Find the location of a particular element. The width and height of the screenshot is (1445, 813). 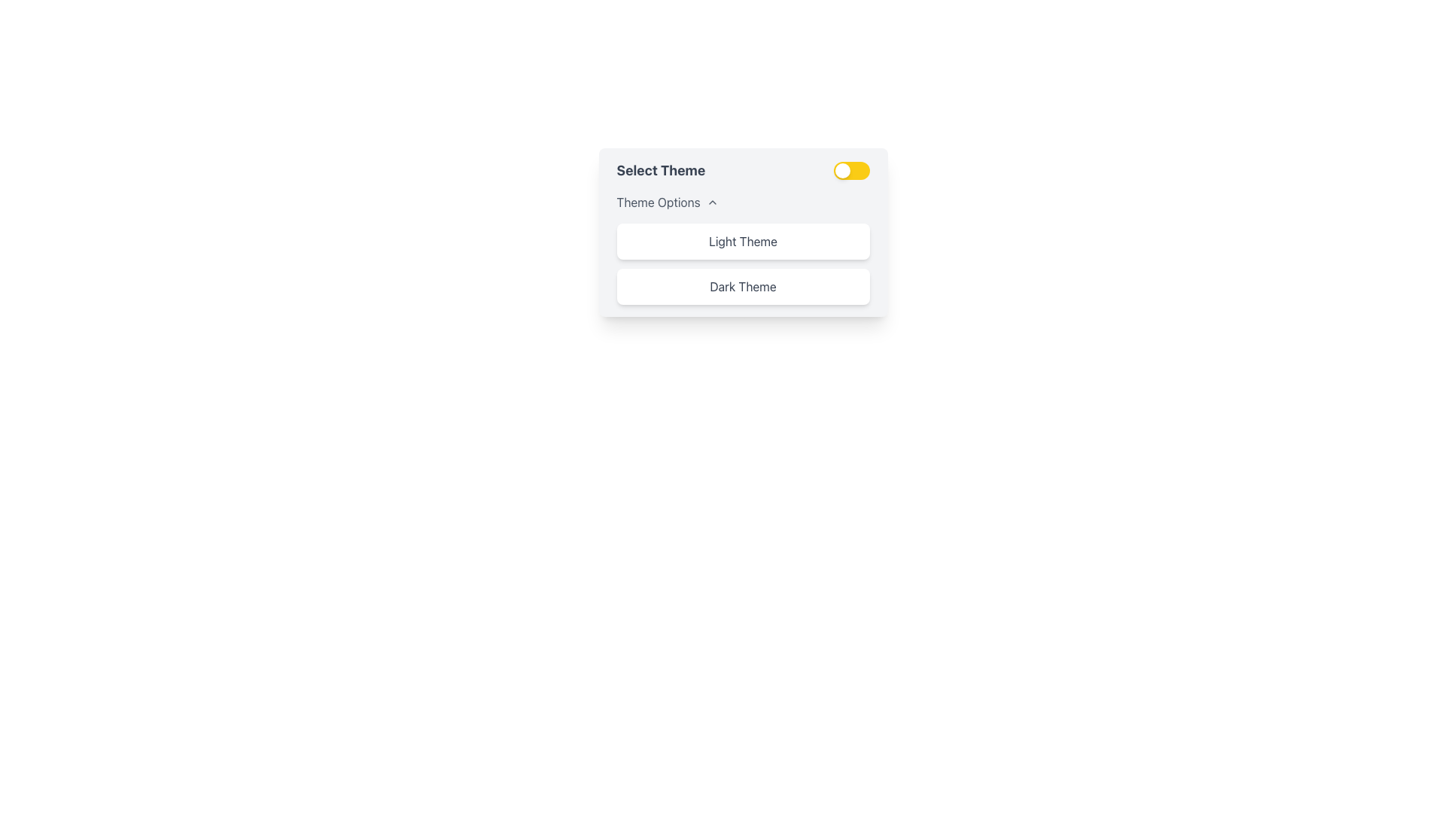

the appearance of the 'Light Theme' icon located to the left of the toggle switch in the 'Select Theme' component is located at coordinates (841, 170).